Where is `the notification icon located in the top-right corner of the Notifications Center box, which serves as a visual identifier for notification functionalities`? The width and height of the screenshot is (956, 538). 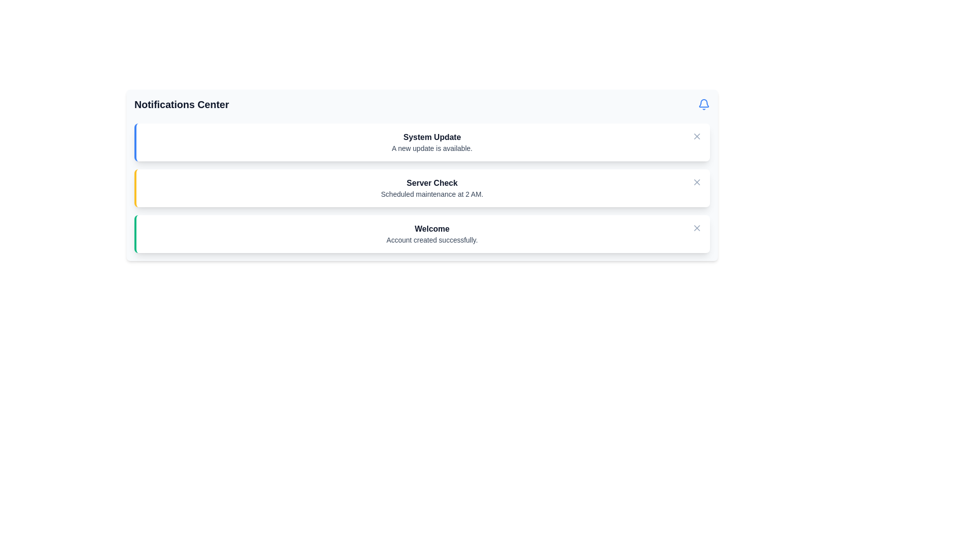
the notification icon located in the top-right corner of the Notifications Center box, which serves as a visual identifier for notification functionalities is located at coordinates (704, 103).